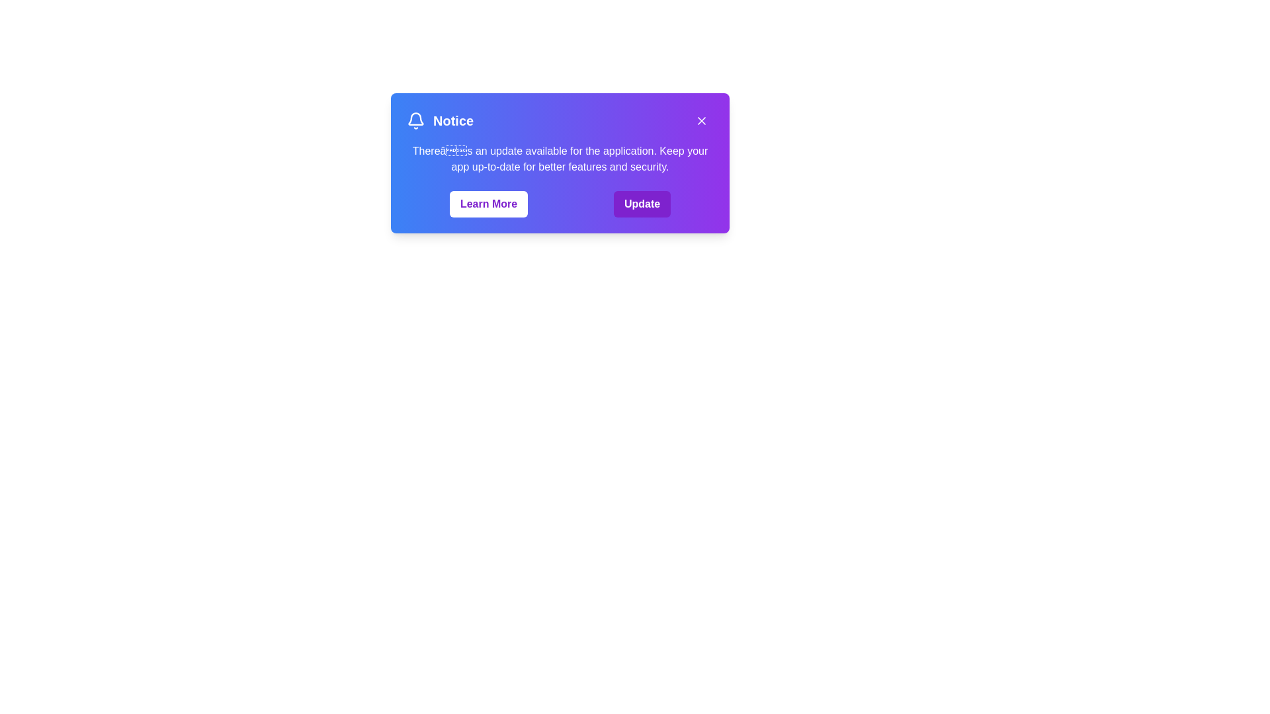 The width and height of the screenshot is (1270, 714). I want to click on the 'Update' button to initiate the update process, so click(641, 204).